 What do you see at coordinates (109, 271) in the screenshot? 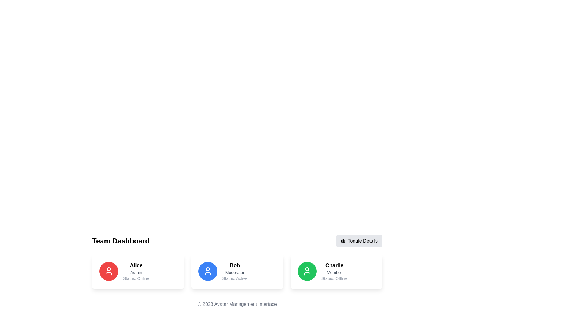
I see `the user profile icon for 'Alice', which is located on the leftmost card in the bottom-left area of the interface` at bounding box center [109, 271].